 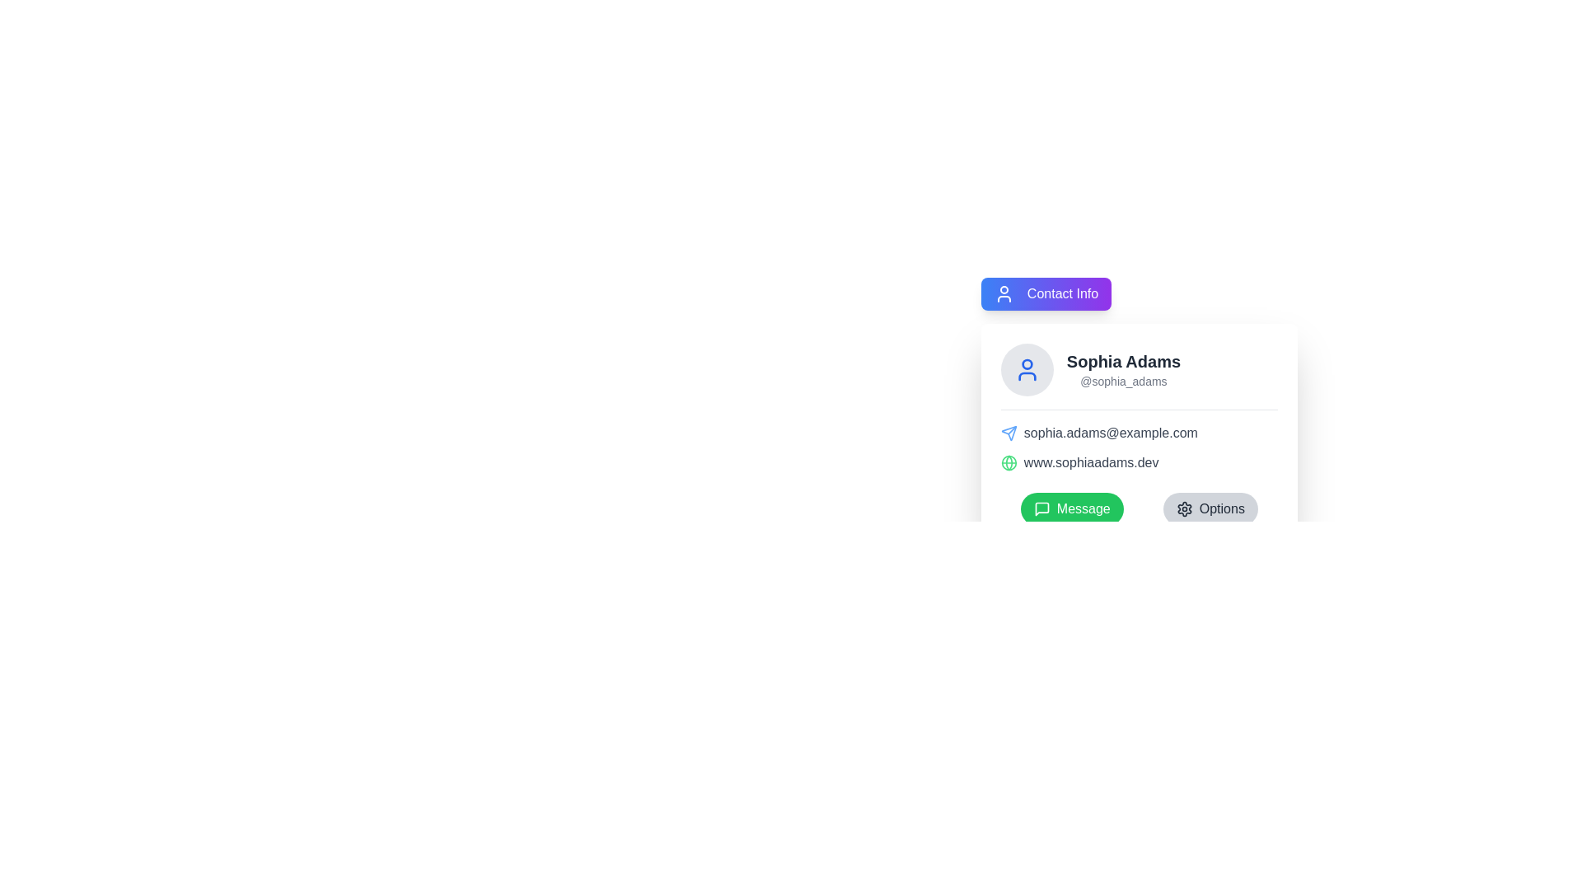 What do you see at coordinates (1008, 463) in the screenshot?
I see `the small circular green globe SVG icon located to the left of the text link 'www.sophiaadams.dev'` at bounding box center [1008, 463].